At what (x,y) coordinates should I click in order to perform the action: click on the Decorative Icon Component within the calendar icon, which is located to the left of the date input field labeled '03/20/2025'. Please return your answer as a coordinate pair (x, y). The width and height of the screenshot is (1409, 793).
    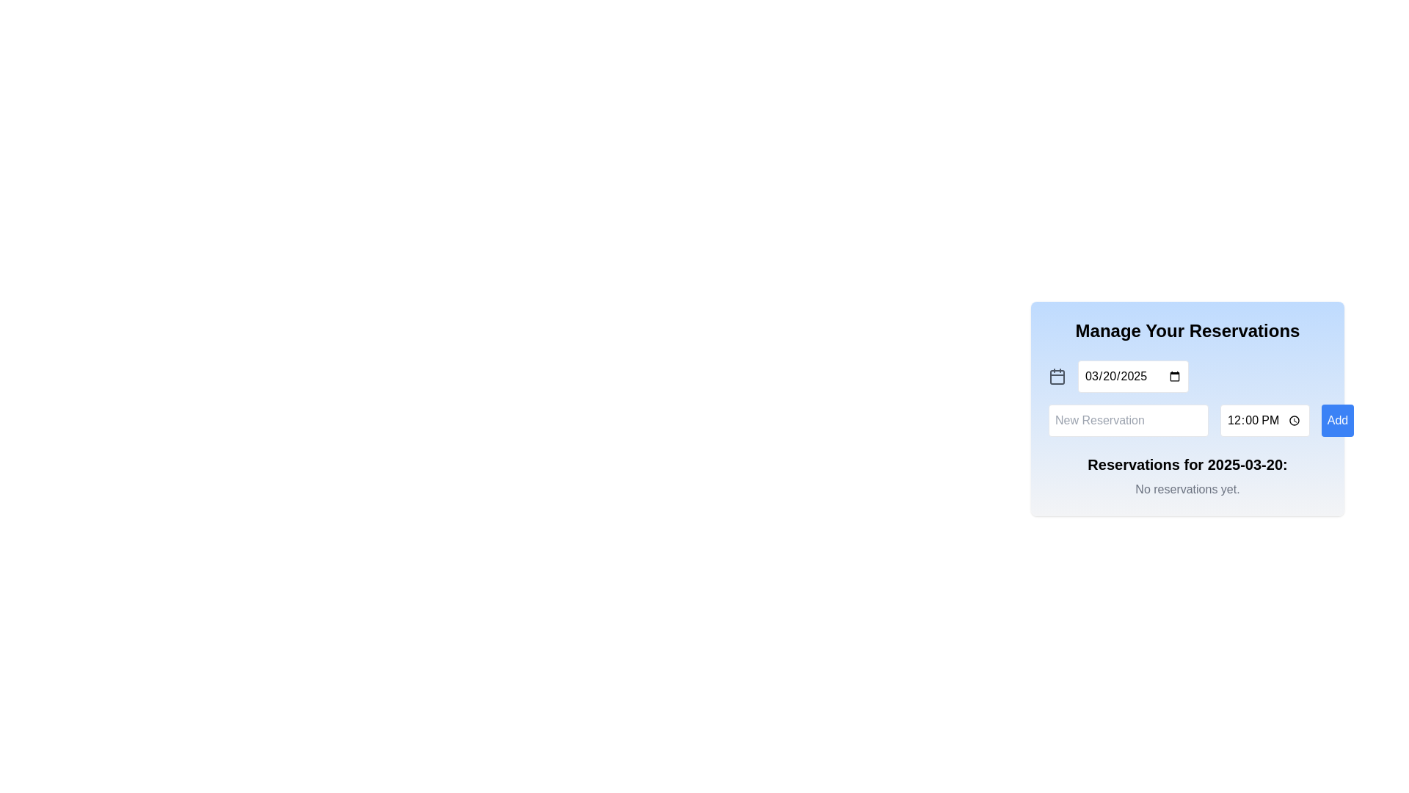
    Looking at the image, I should click on (1057, 376).